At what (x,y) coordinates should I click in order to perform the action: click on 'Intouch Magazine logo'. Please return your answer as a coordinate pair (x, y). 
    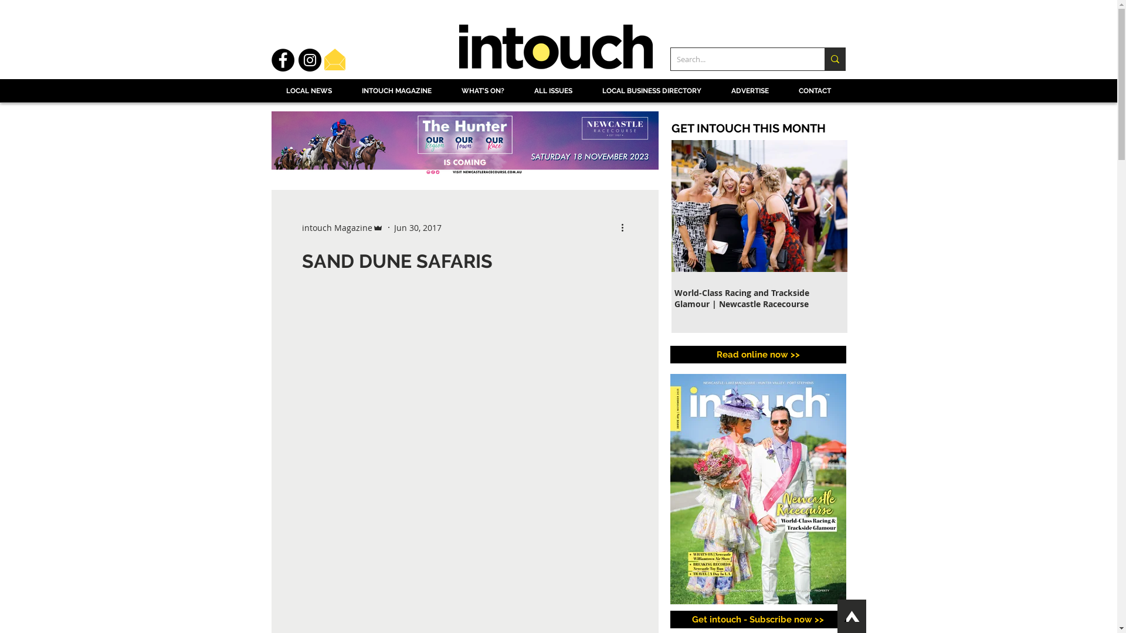
    Looking at the image, I should click on (554, 47).